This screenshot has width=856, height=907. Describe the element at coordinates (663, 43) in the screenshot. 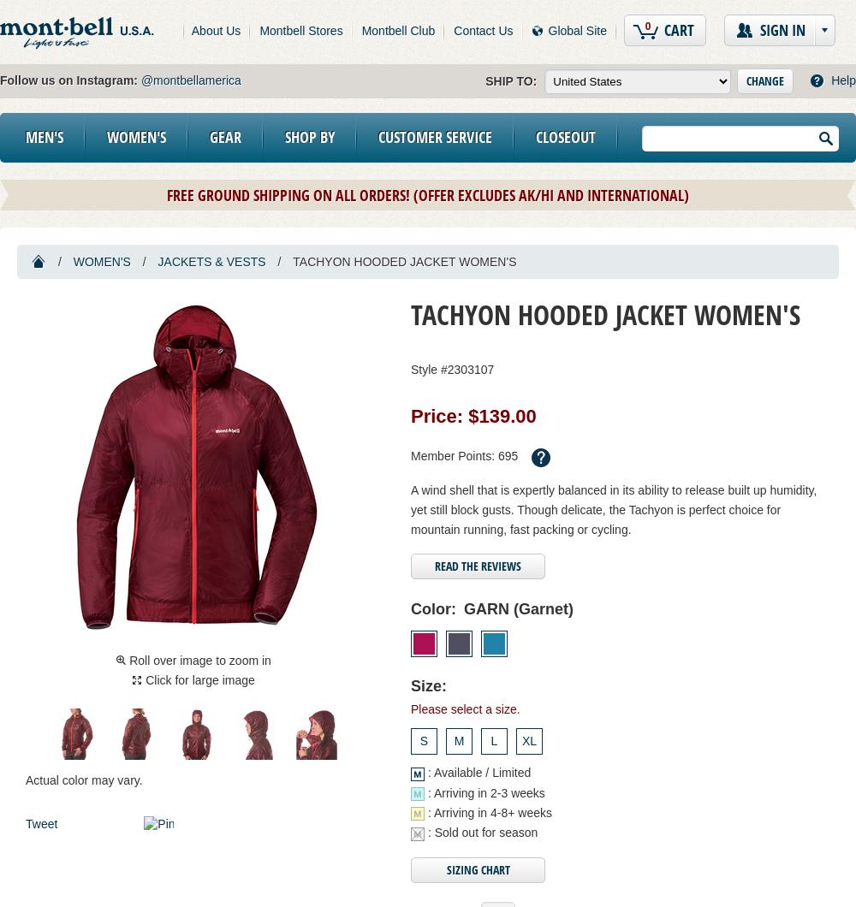

I see `'items in cart'` at that location.